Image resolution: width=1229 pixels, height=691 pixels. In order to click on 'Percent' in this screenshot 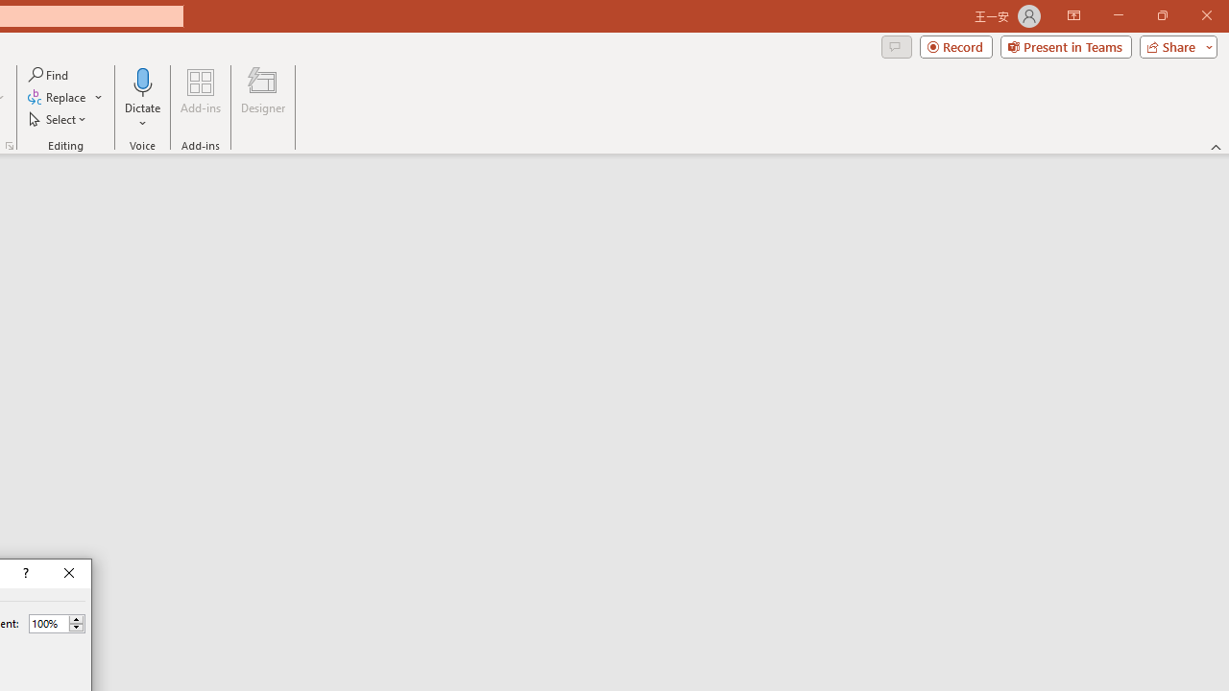, I will do `click(48, 623)`.